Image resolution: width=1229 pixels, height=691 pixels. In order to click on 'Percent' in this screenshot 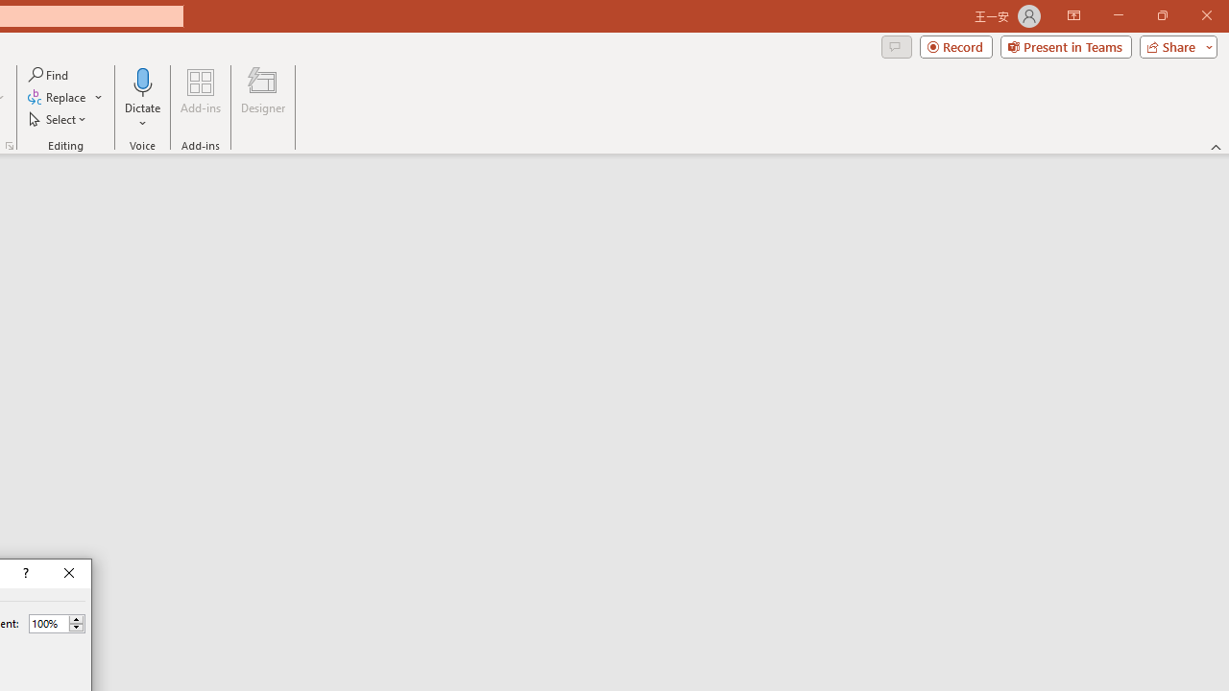, I will do `click(48, 623)`.